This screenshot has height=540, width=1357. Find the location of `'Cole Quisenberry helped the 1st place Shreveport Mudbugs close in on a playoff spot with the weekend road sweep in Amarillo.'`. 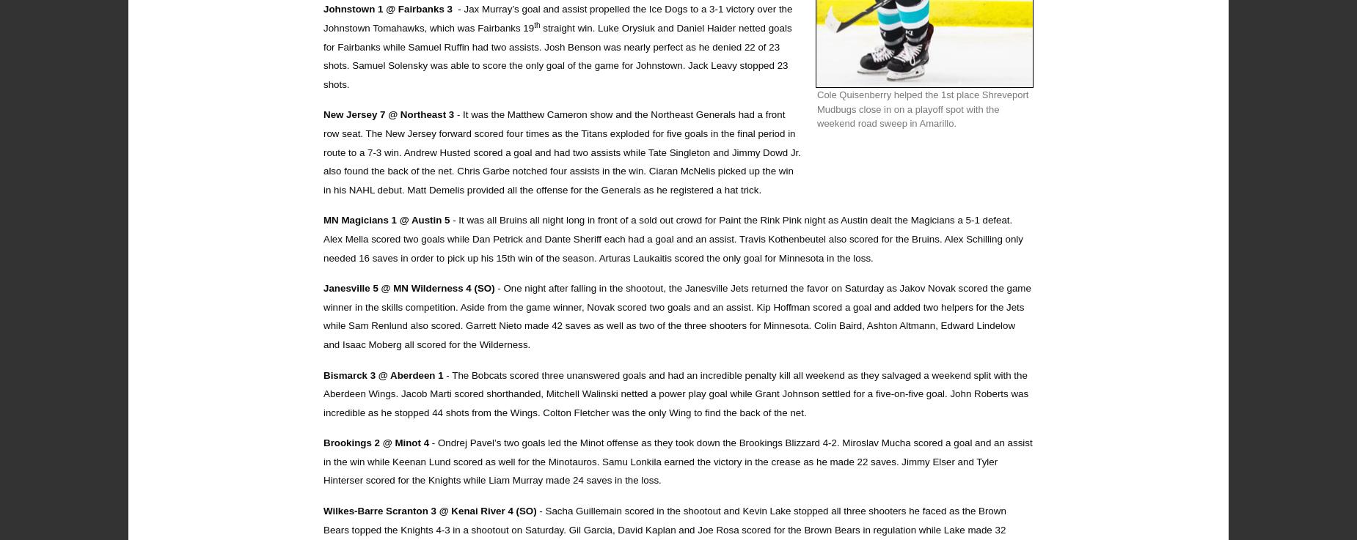

'Cole Quisenberry helped the 1st place Shreveport Mudbugs close in on a playoff spot with the weekend road sweep in Amarillo.' is located at coordinates (922, 109).